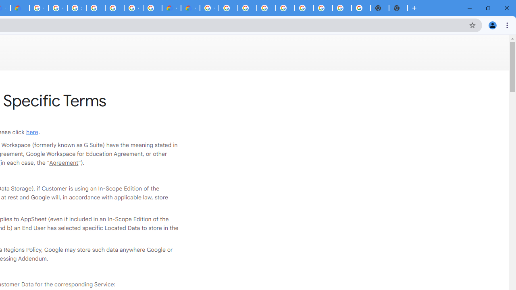 Image resolution: width=516 pixels, height=290 pixels. Describe the element at coordinates (77, 8) in the screenshot. I see `'Sign in - Google Accounts'` at that location.